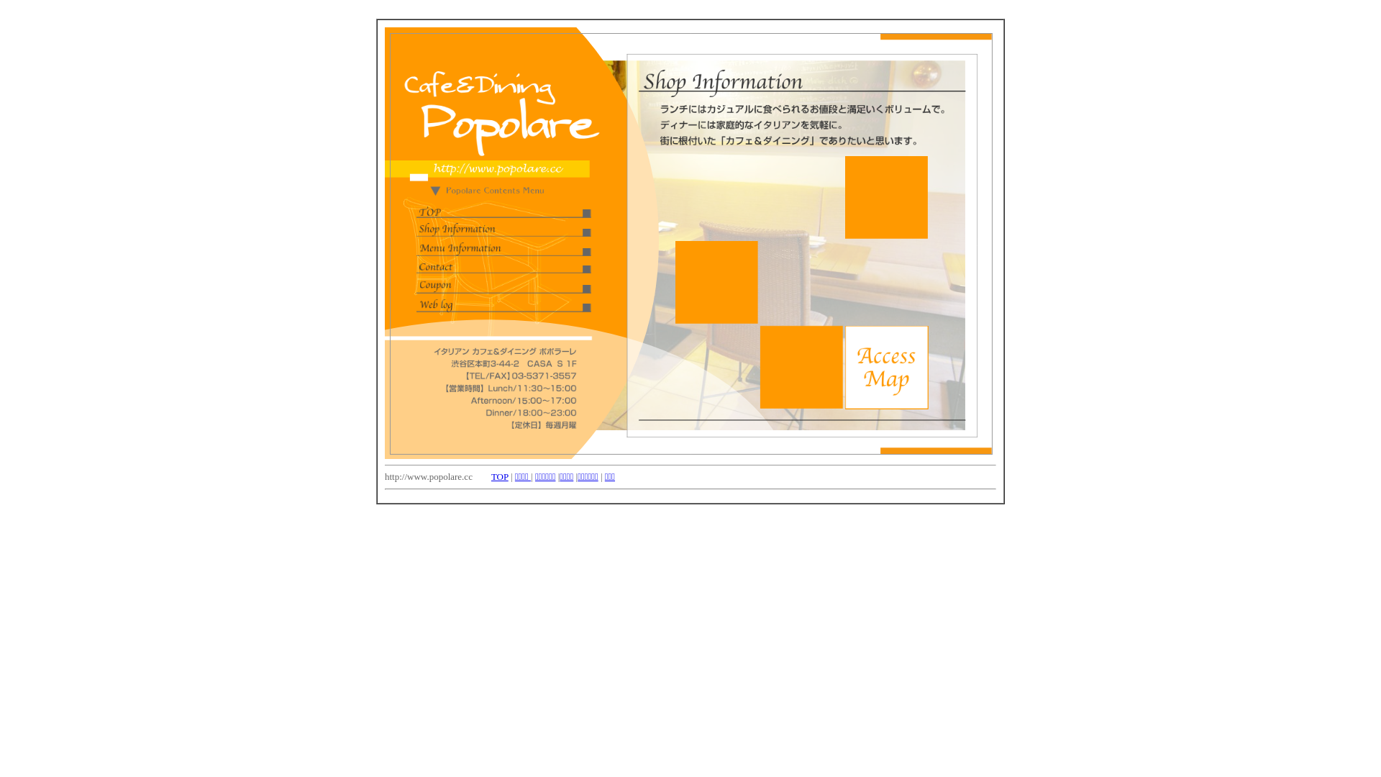 The height and width of the screenshot is (777, 1381). Describe the element at coordinates (491, 476) in the screenshot. I see `'TOP'` at that location.